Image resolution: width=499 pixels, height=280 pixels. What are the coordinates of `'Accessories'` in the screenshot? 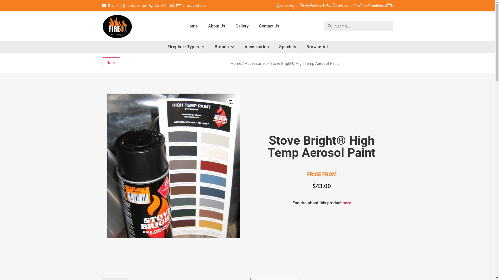 It's located at (244, 63).